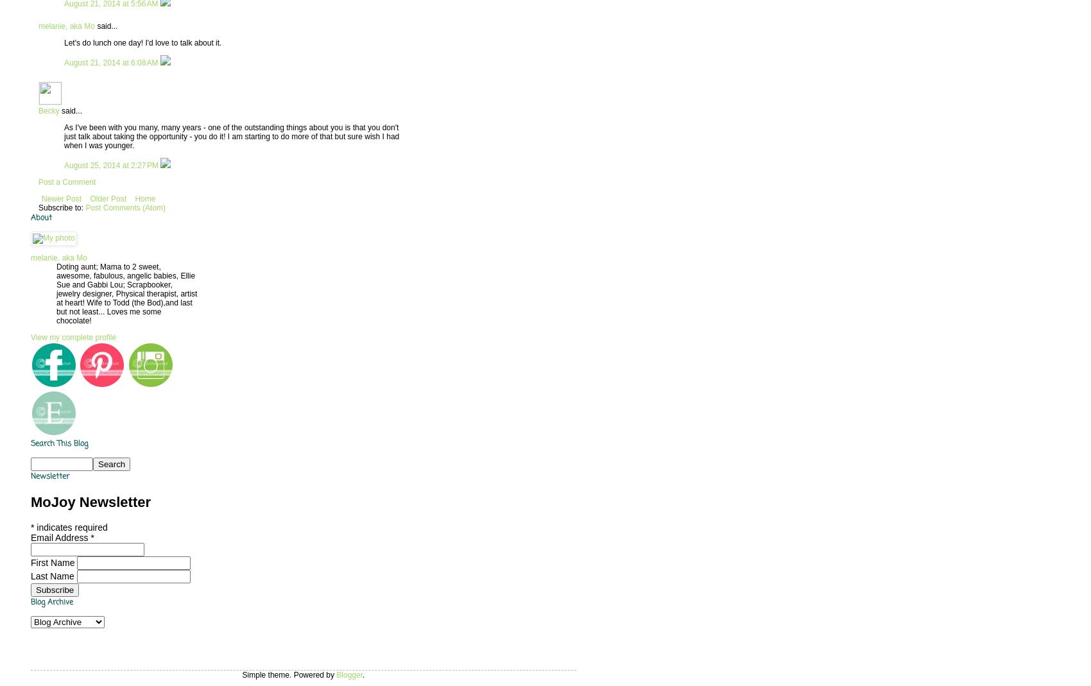  What do you see at coordinates (73, 336) in the screenshot?
I see `'View my complete profile'` at bounding box center [73, 336].